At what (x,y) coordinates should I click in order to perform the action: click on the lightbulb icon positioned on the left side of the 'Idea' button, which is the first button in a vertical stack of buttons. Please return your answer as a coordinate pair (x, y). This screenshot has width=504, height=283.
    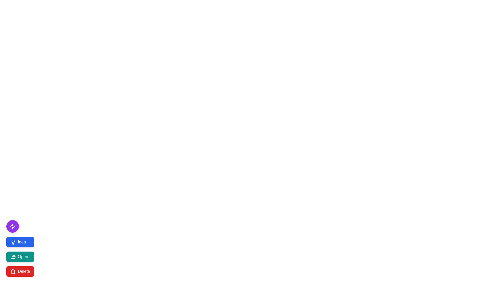
    Looking at the image, I should click on (13, 242).